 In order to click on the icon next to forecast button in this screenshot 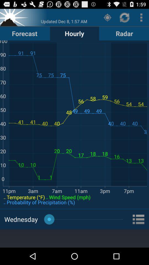, I will do `click(74, 33)`.